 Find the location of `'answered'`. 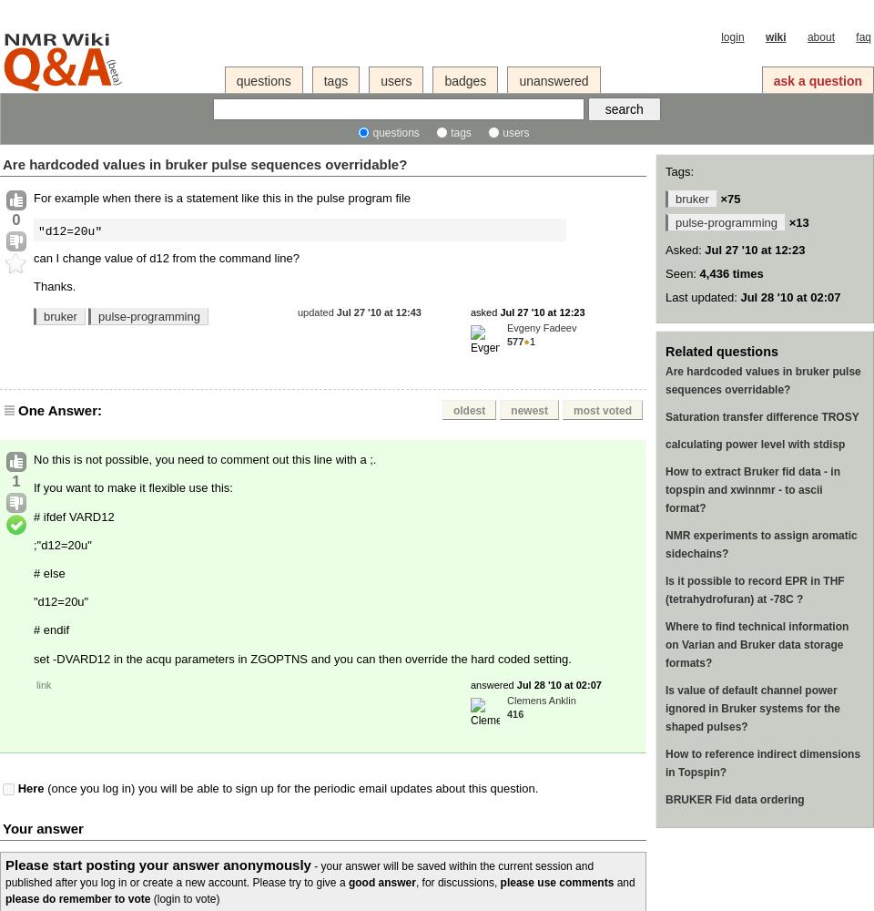

'answered' is located at coordinates (493, 684).